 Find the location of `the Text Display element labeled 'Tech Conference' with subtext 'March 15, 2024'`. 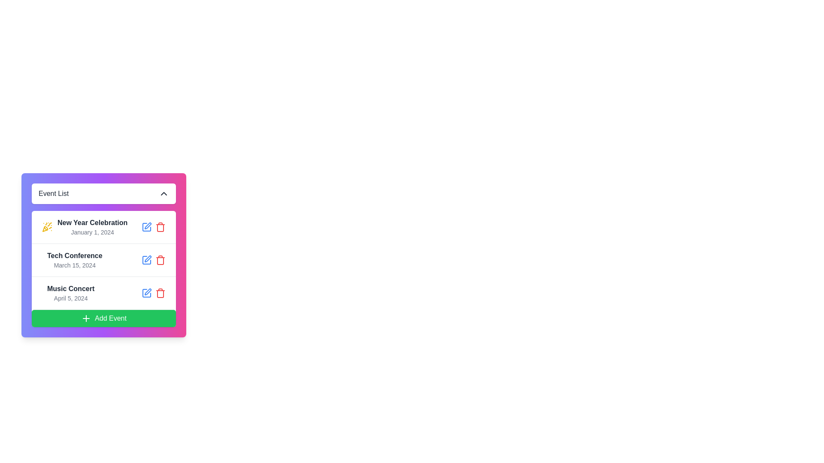

the Text Display element labeled 'Tech Conference' with subtext 'March 15, 2024' is located at coordinates (72, 259).